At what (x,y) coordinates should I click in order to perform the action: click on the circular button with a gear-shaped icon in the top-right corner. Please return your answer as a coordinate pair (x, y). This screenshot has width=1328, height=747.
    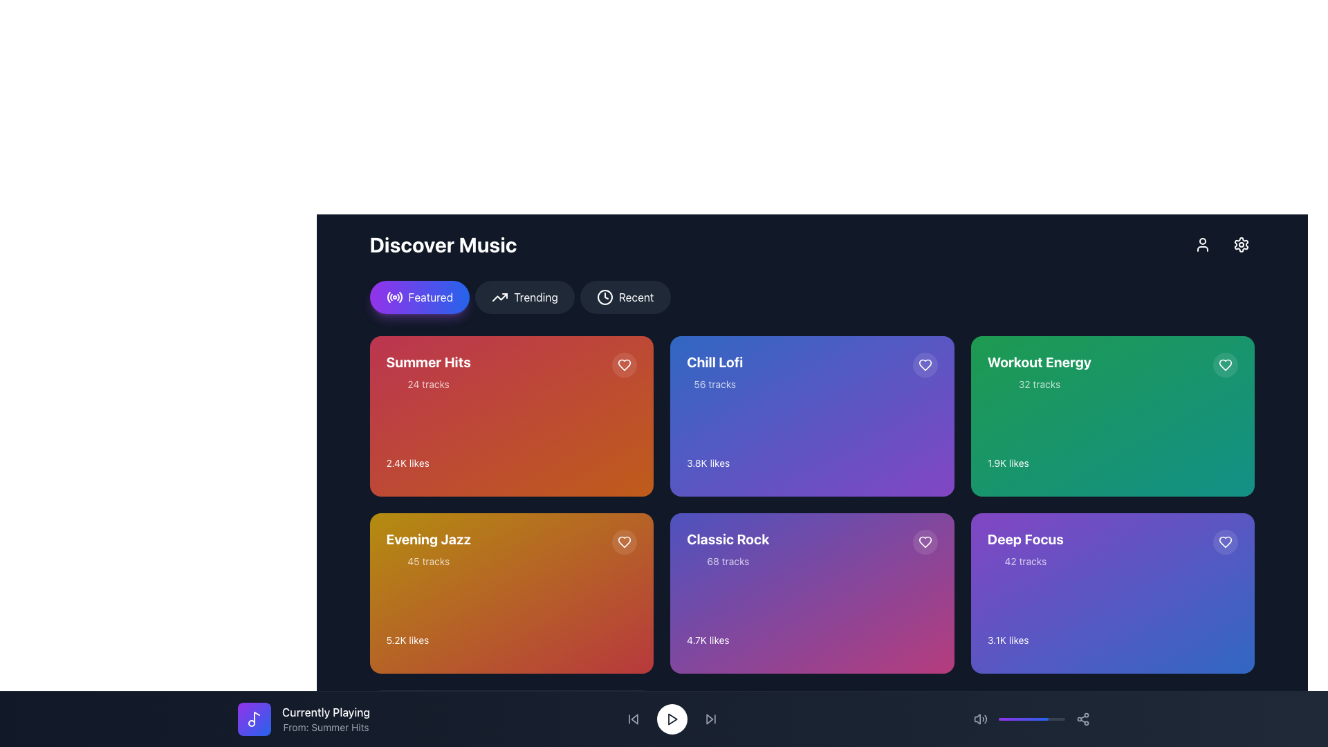
    Looking at the image, I should click on (1241, 244).